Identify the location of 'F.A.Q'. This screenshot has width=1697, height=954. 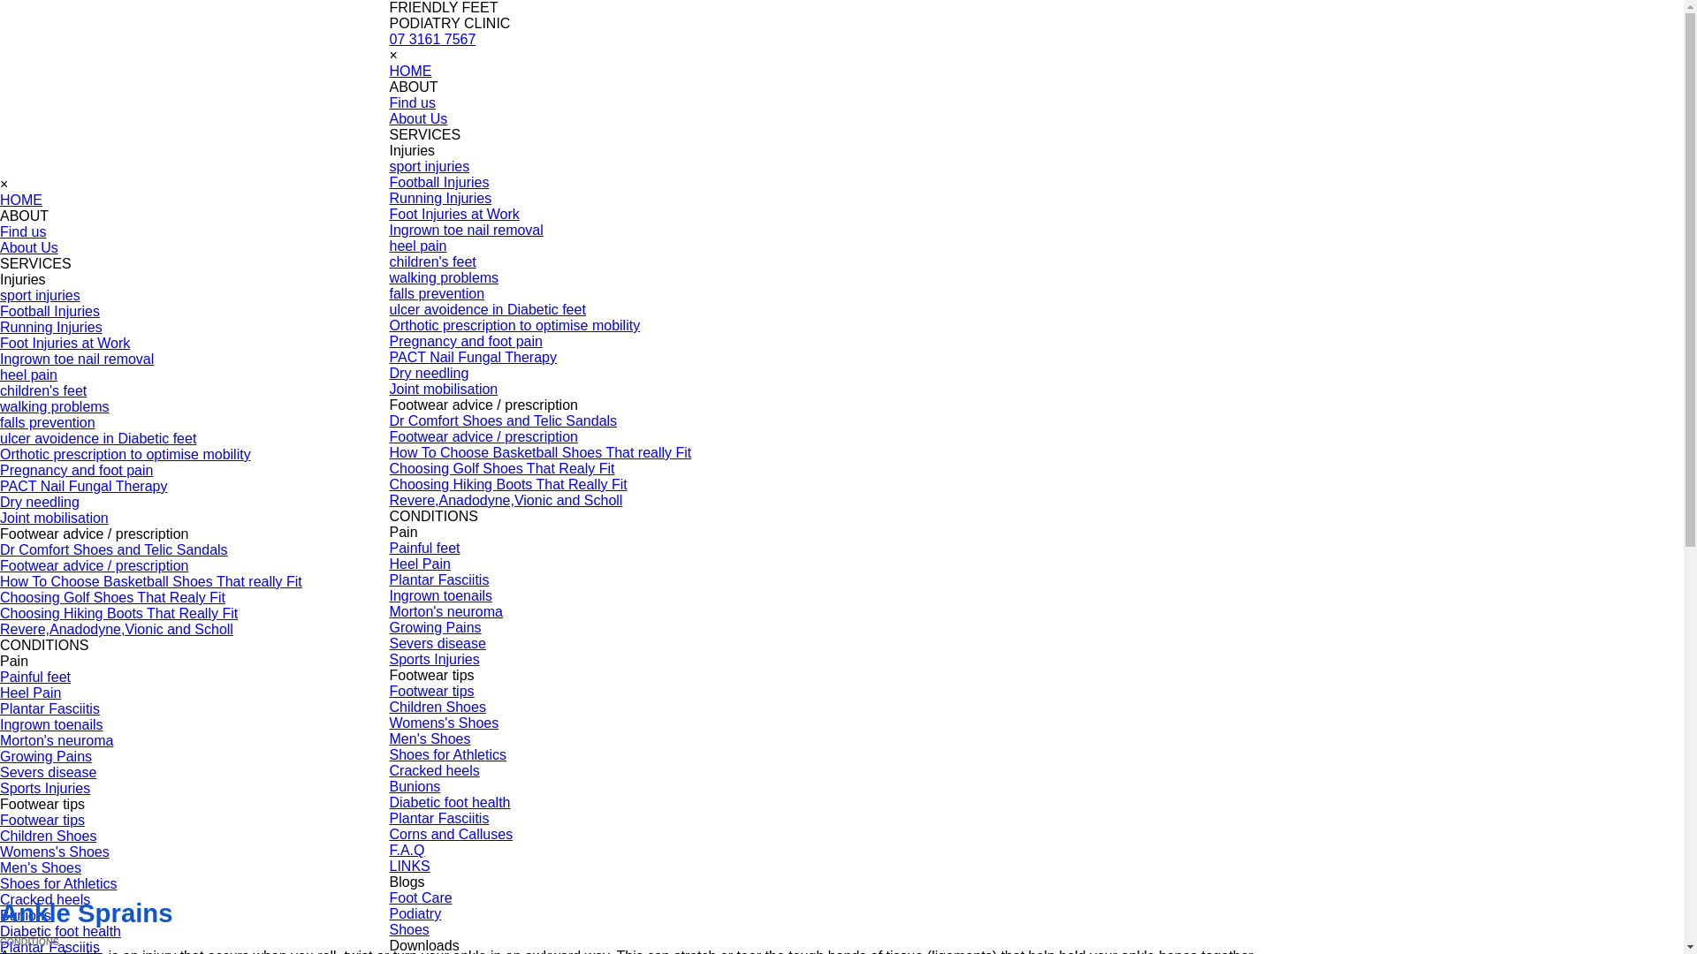
(406, 849).